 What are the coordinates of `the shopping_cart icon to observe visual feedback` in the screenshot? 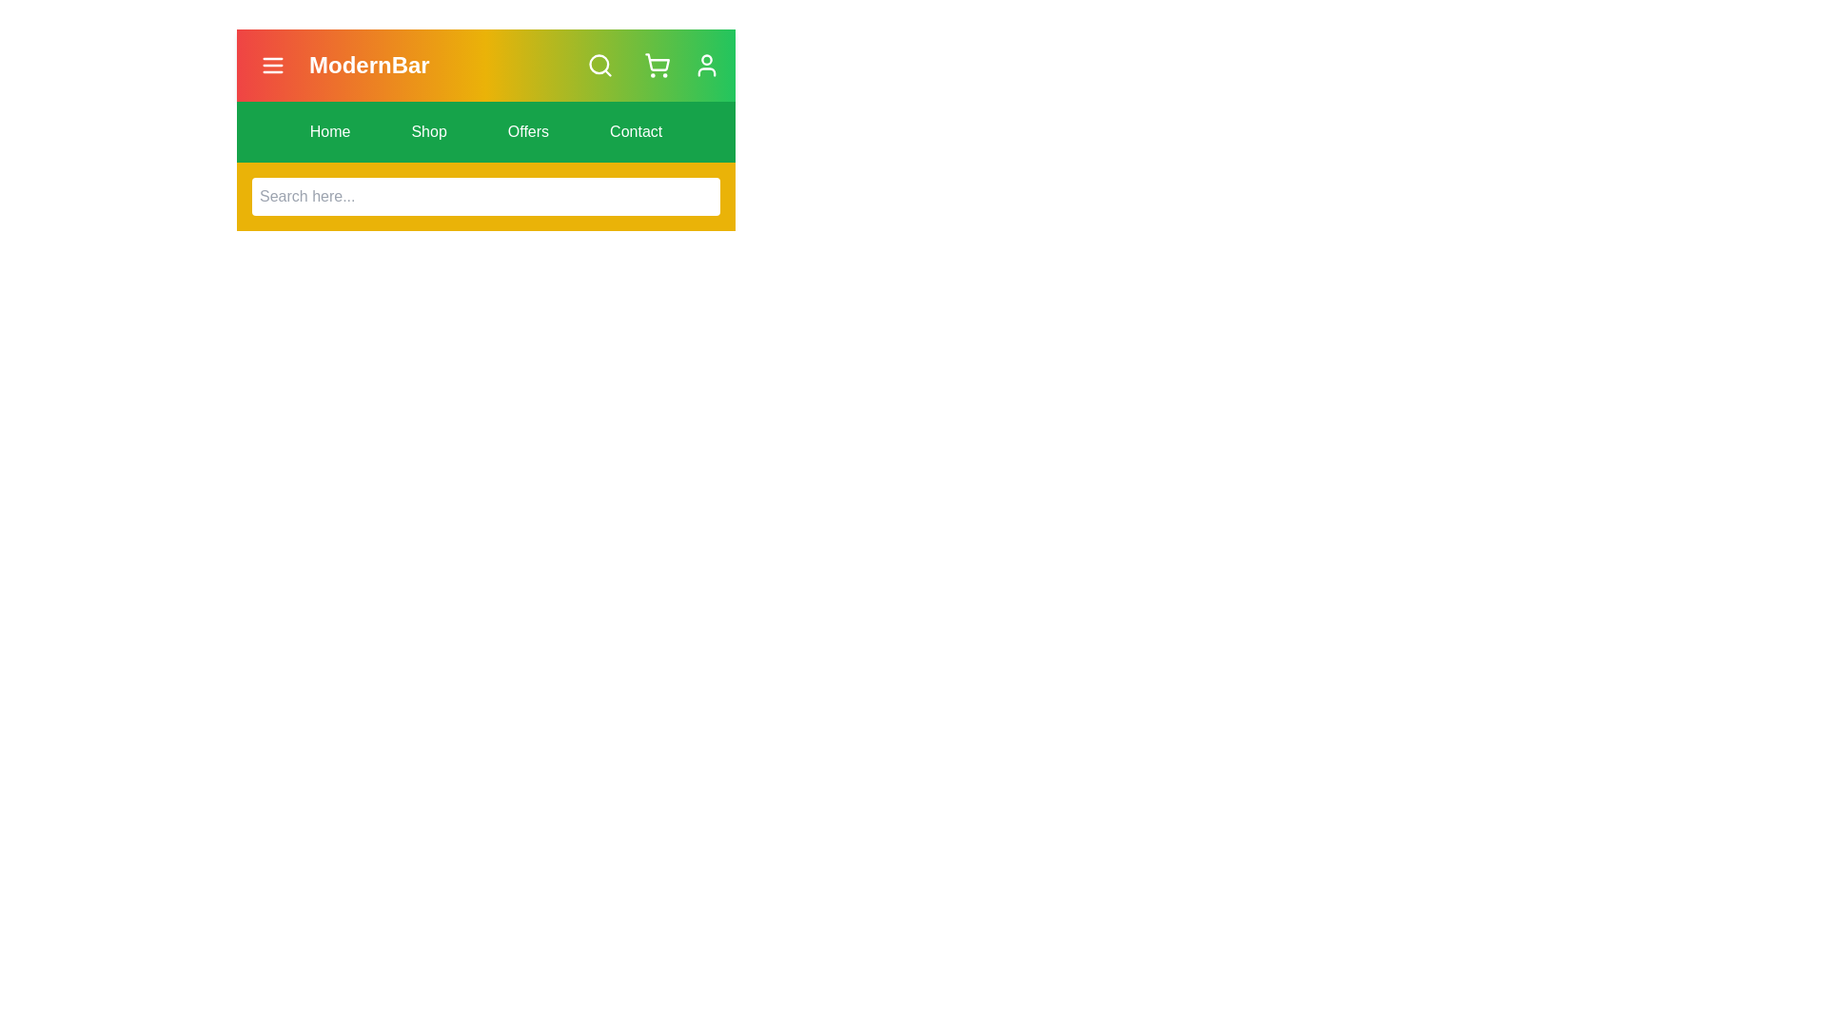 It's located at (658, 65).